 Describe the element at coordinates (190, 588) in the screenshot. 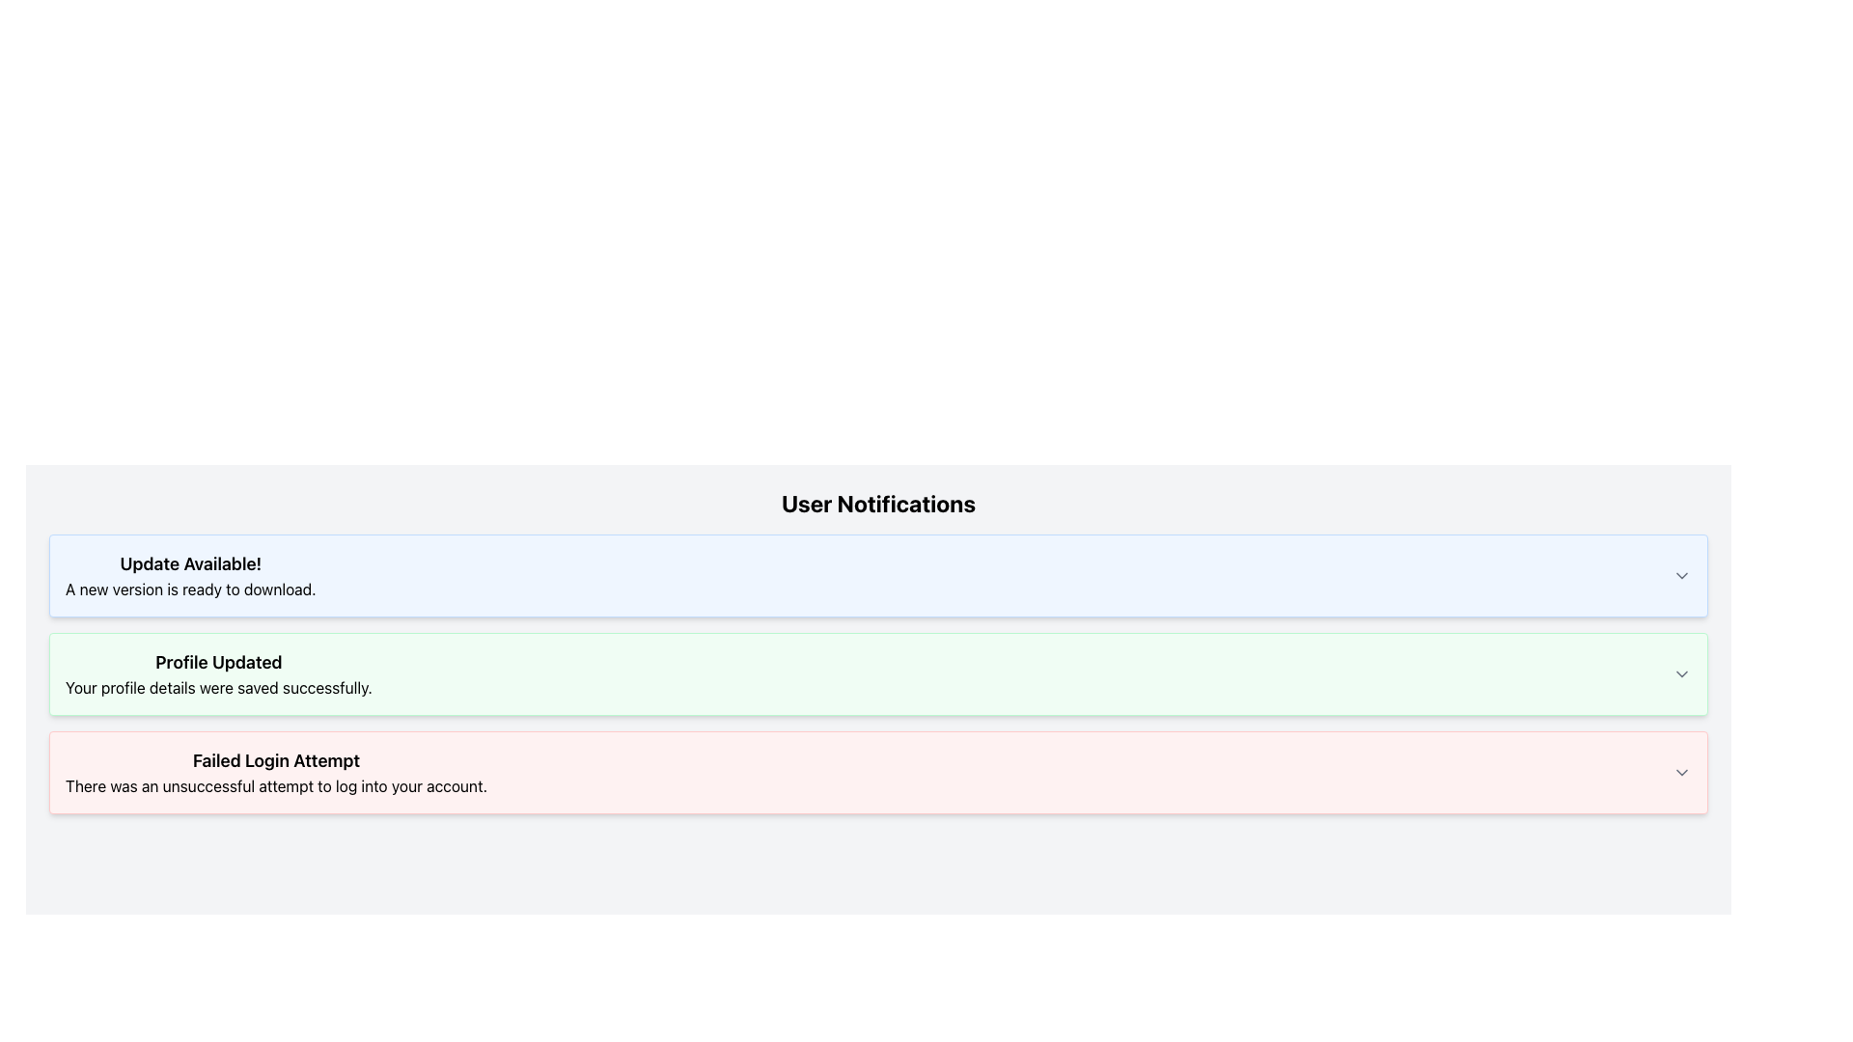

I see `descriptive text informing the user about the availability of a new version to download, located directly below the heading 'Update Available!' in the first notification card` at that location.